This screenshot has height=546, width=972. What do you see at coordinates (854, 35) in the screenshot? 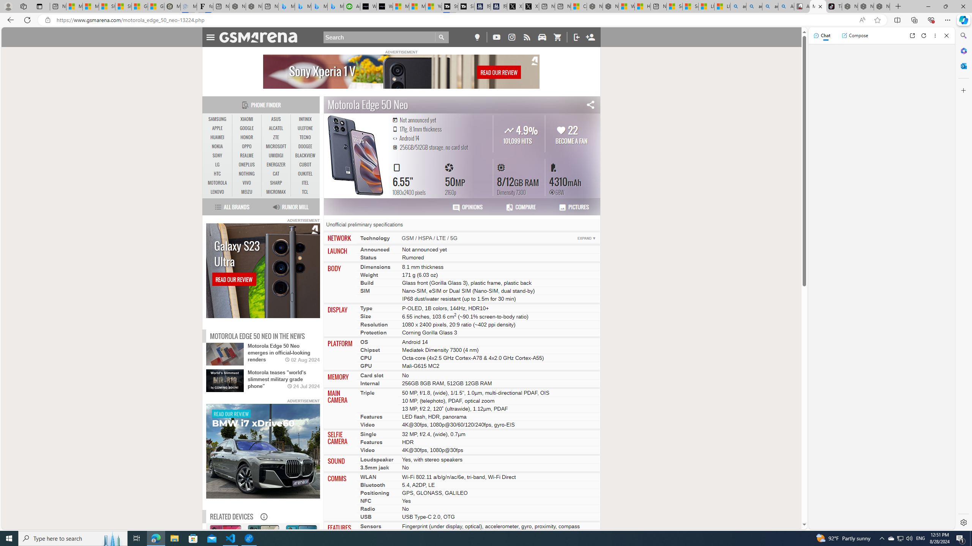
I see `'Compose'` at bounding box center [854, 35].